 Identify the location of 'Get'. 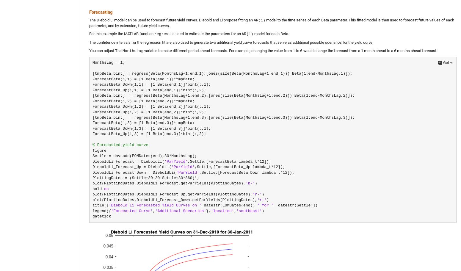
(442, 62).